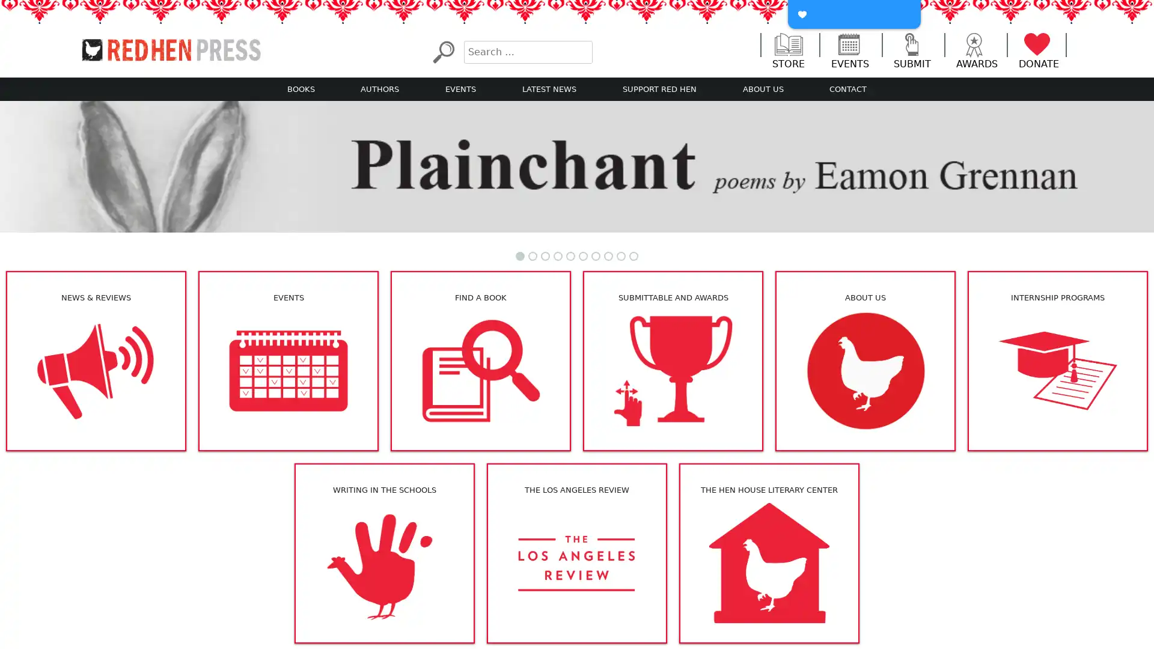 This screenshot has height=649, width=1154. What do you see at coordinates (442, 51) in the screenshot?
I see `search icon` at bounding box center [442, 51].